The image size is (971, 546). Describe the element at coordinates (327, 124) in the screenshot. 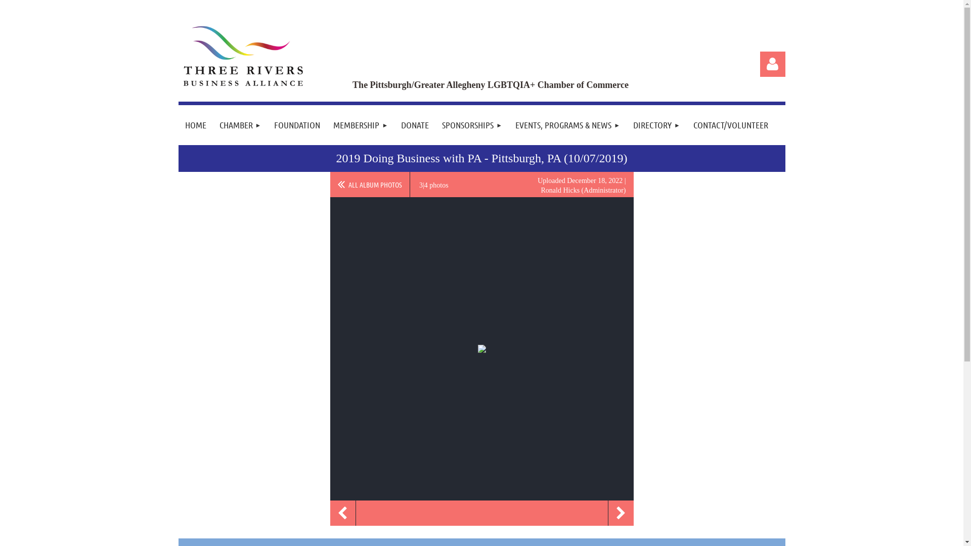

I see `'MEMBERSHIP'` at that location.